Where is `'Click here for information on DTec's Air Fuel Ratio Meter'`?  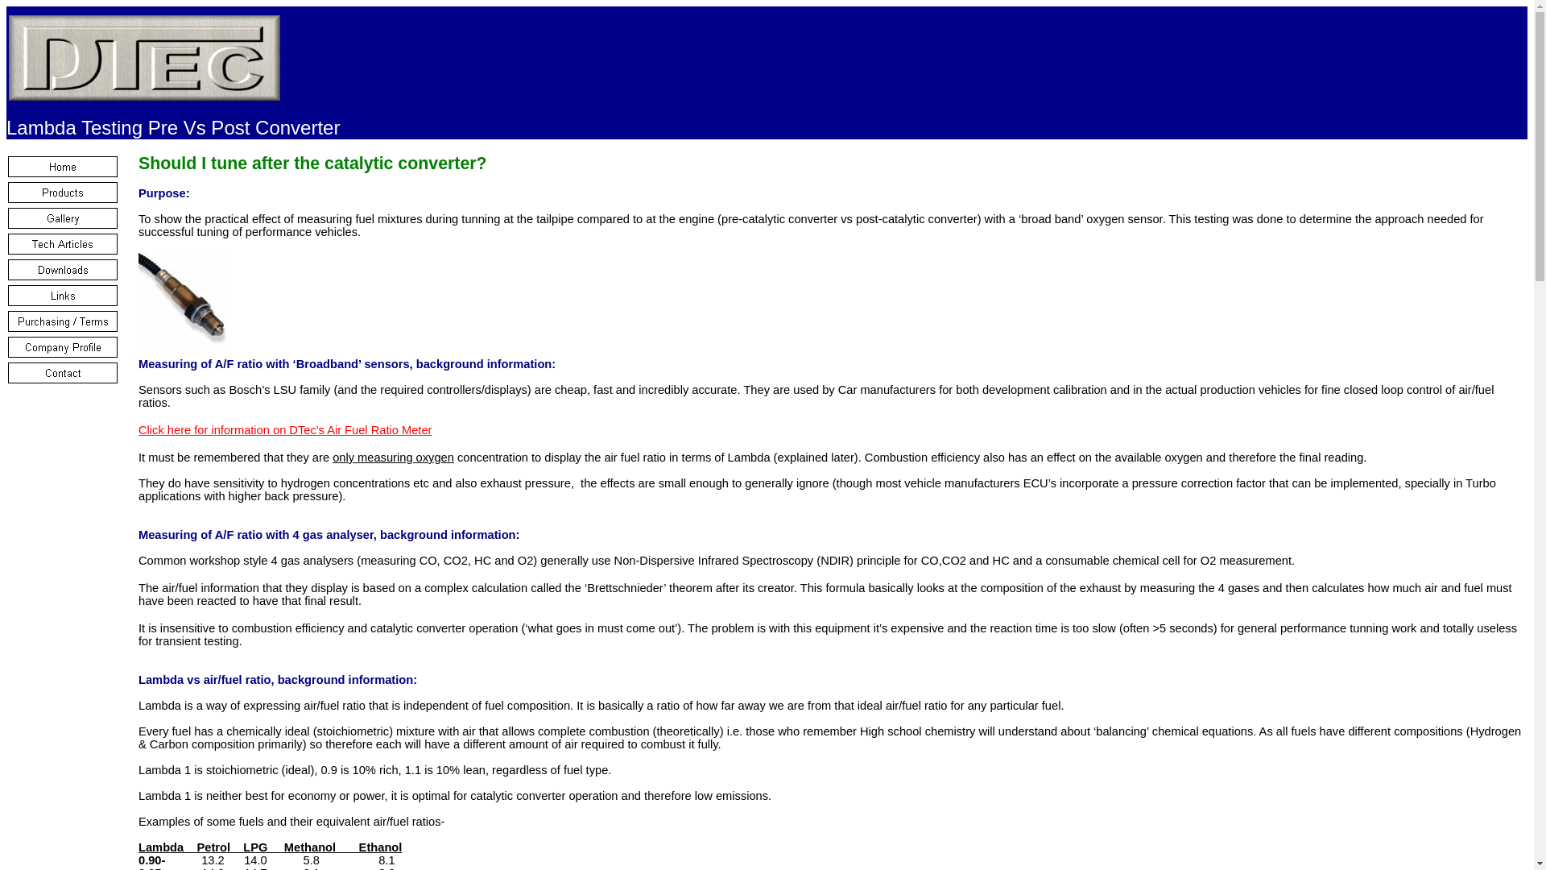
'Click here for information on DTec's Air Fuel Ratio Meter' is located at coordinates (285, 429).